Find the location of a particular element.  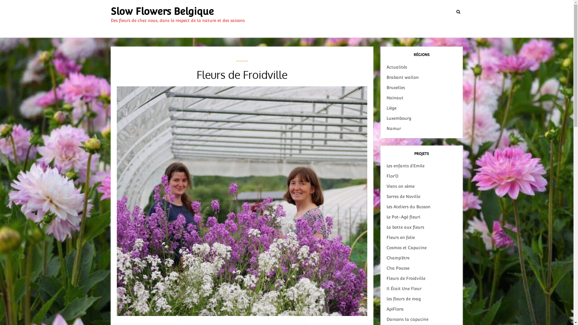

'Cosmos et Capucine' is located at coordinates (406, 247).